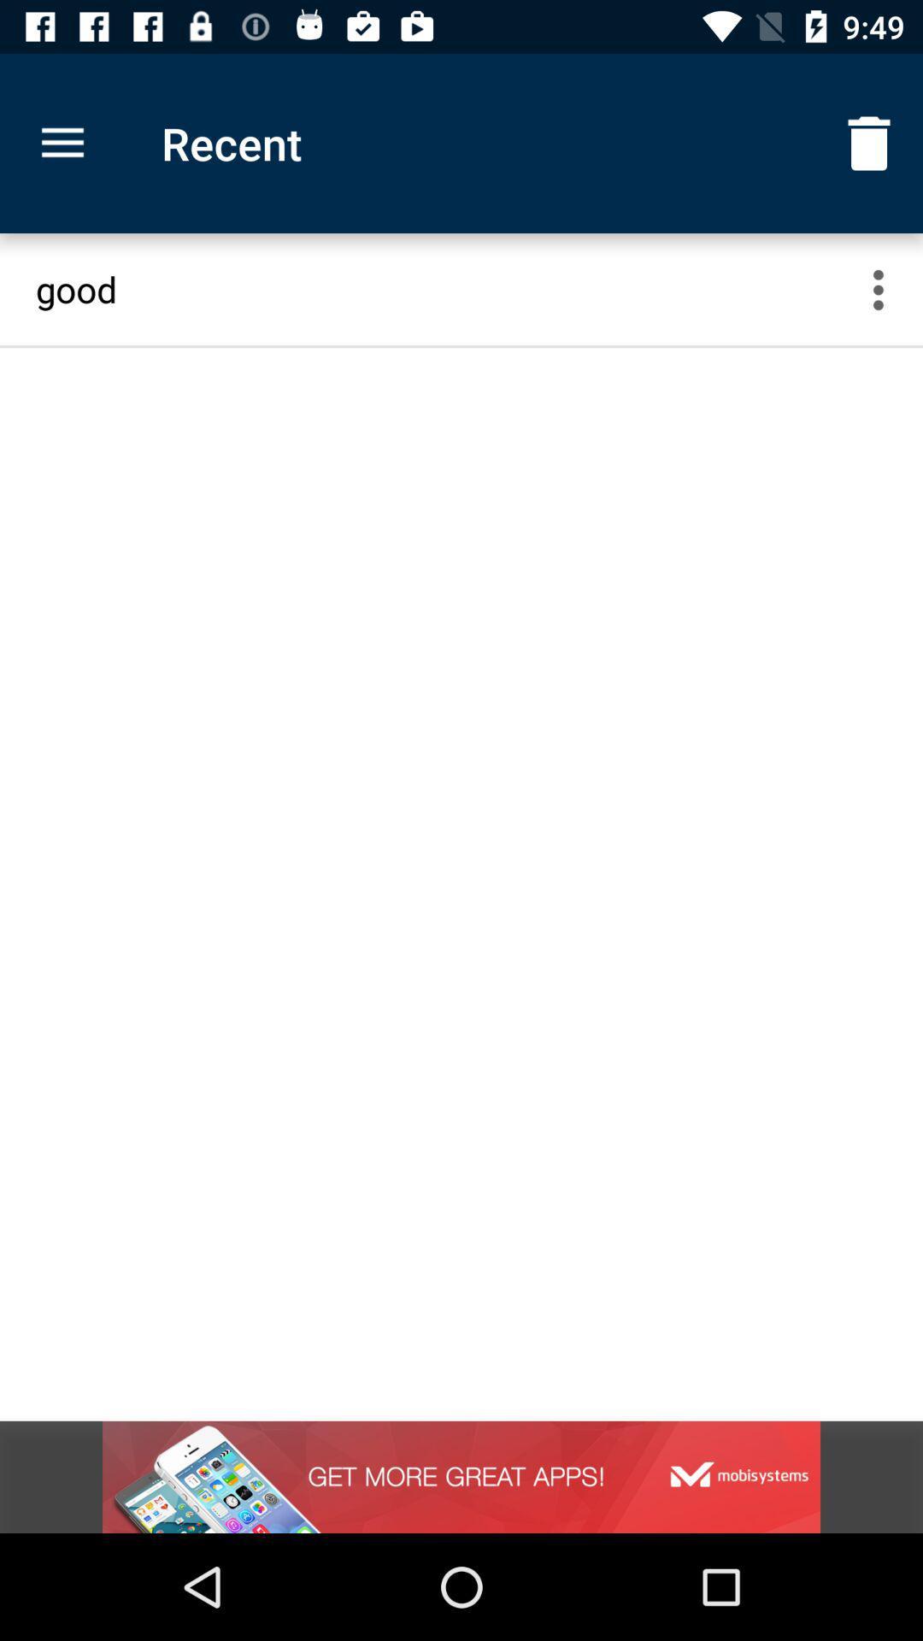  Describe the element at coordinates (869, 144) in the screenshot. I see `item to the right of recent item` at that location.